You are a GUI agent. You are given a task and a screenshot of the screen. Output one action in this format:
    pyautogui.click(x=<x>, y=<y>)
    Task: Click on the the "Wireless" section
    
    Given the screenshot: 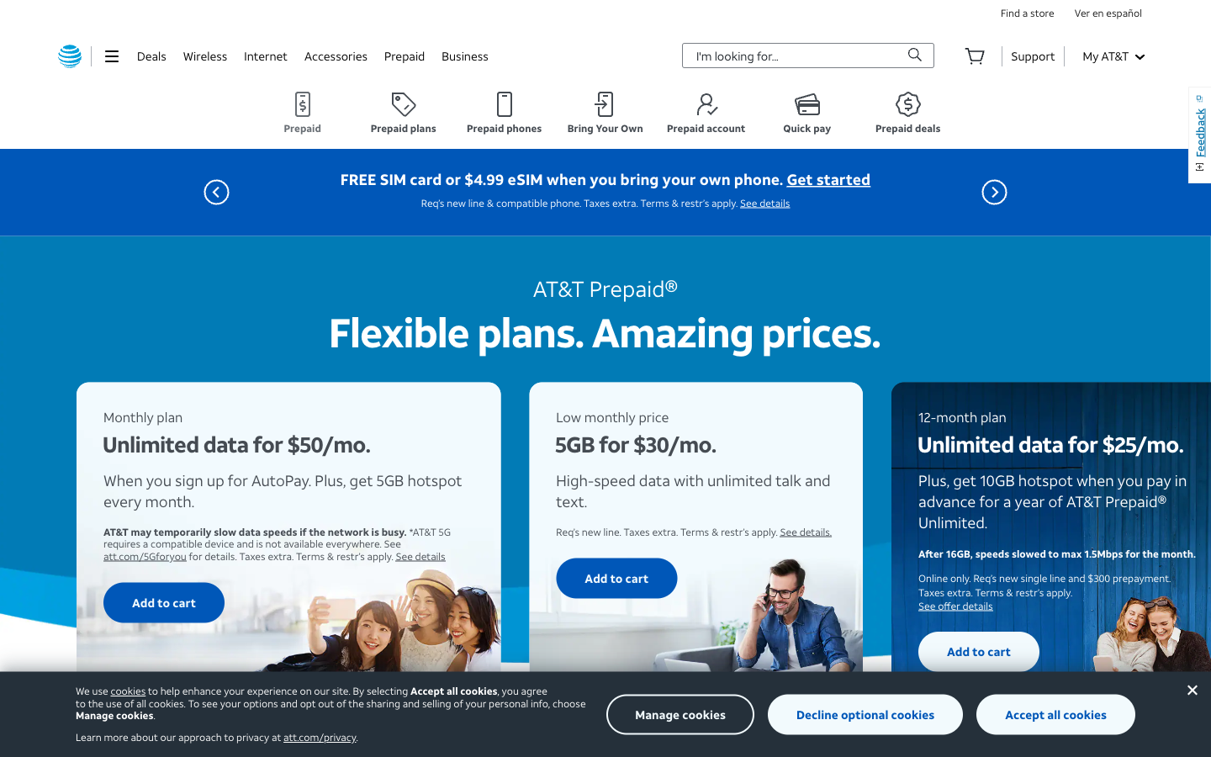 What is the action you would take?
    pyautogui.click(x=204, y=55)
    